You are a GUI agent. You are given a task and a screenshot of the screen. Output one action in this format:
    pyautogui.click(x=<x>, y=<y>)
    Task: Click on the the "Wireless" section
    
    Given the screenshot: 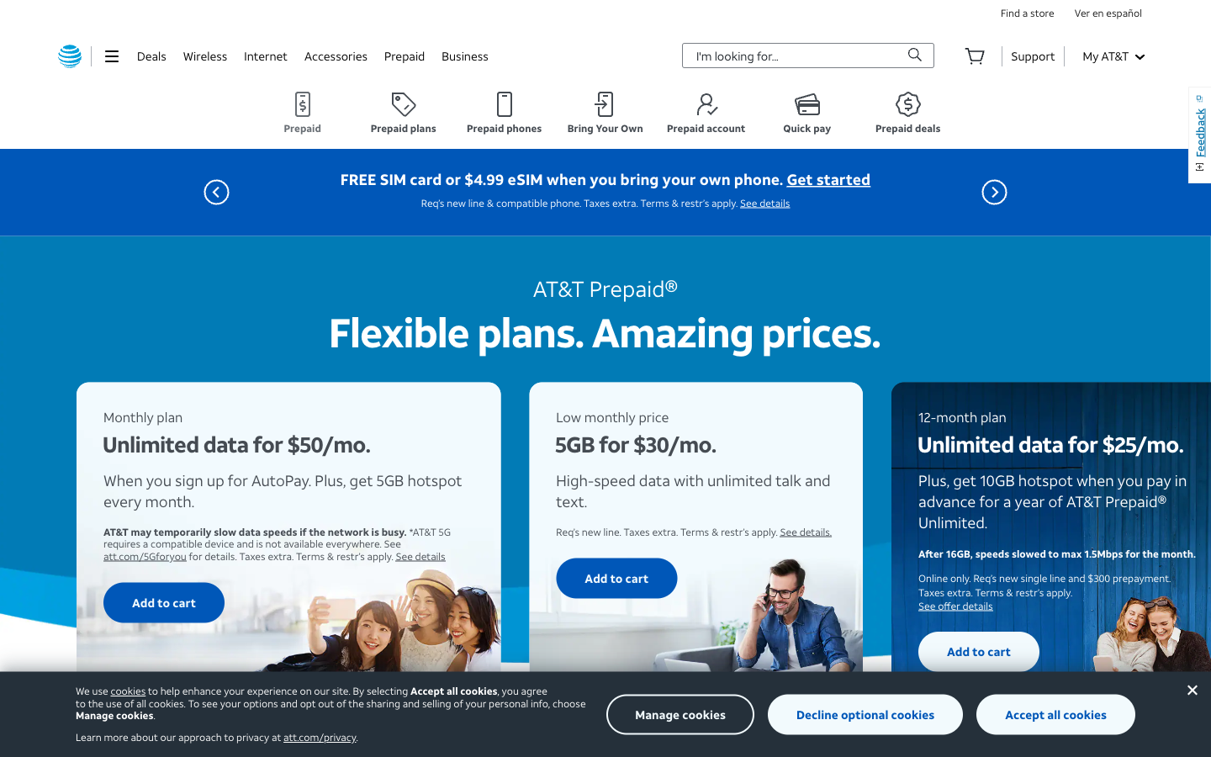 What is the action you would take?
    pyautogui.click(x=204, y=55)
    